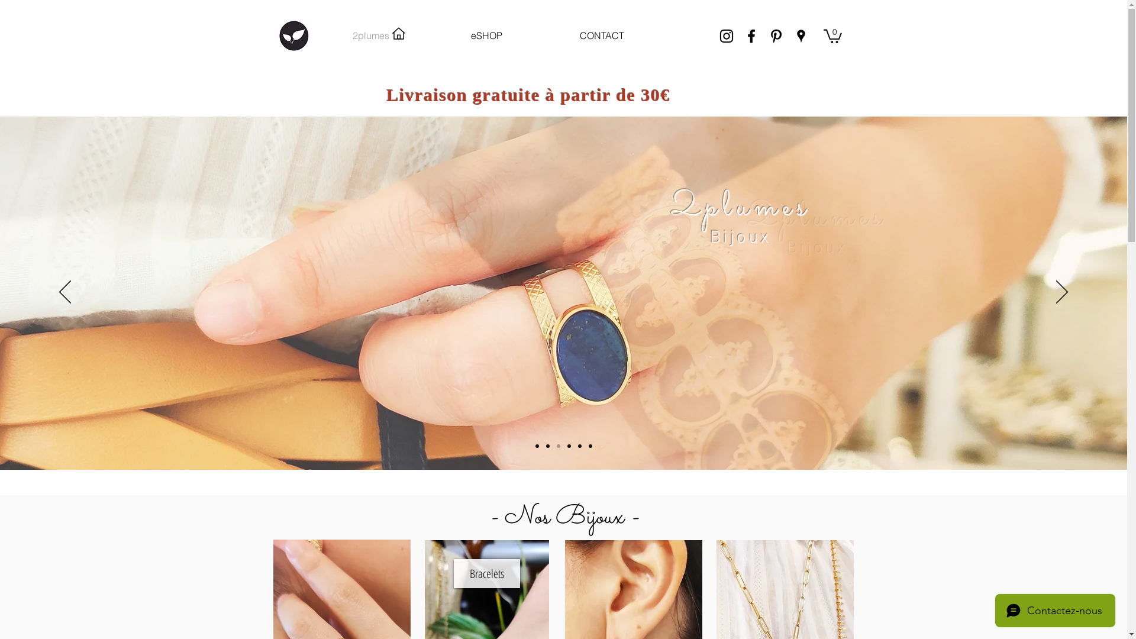 Image resolution: width=1136 pixels, height=639 pixels. What do you see at coordinates (486, 573) in the screenshot?
I see `'Bracelets'` at bounding box center [486, 573].